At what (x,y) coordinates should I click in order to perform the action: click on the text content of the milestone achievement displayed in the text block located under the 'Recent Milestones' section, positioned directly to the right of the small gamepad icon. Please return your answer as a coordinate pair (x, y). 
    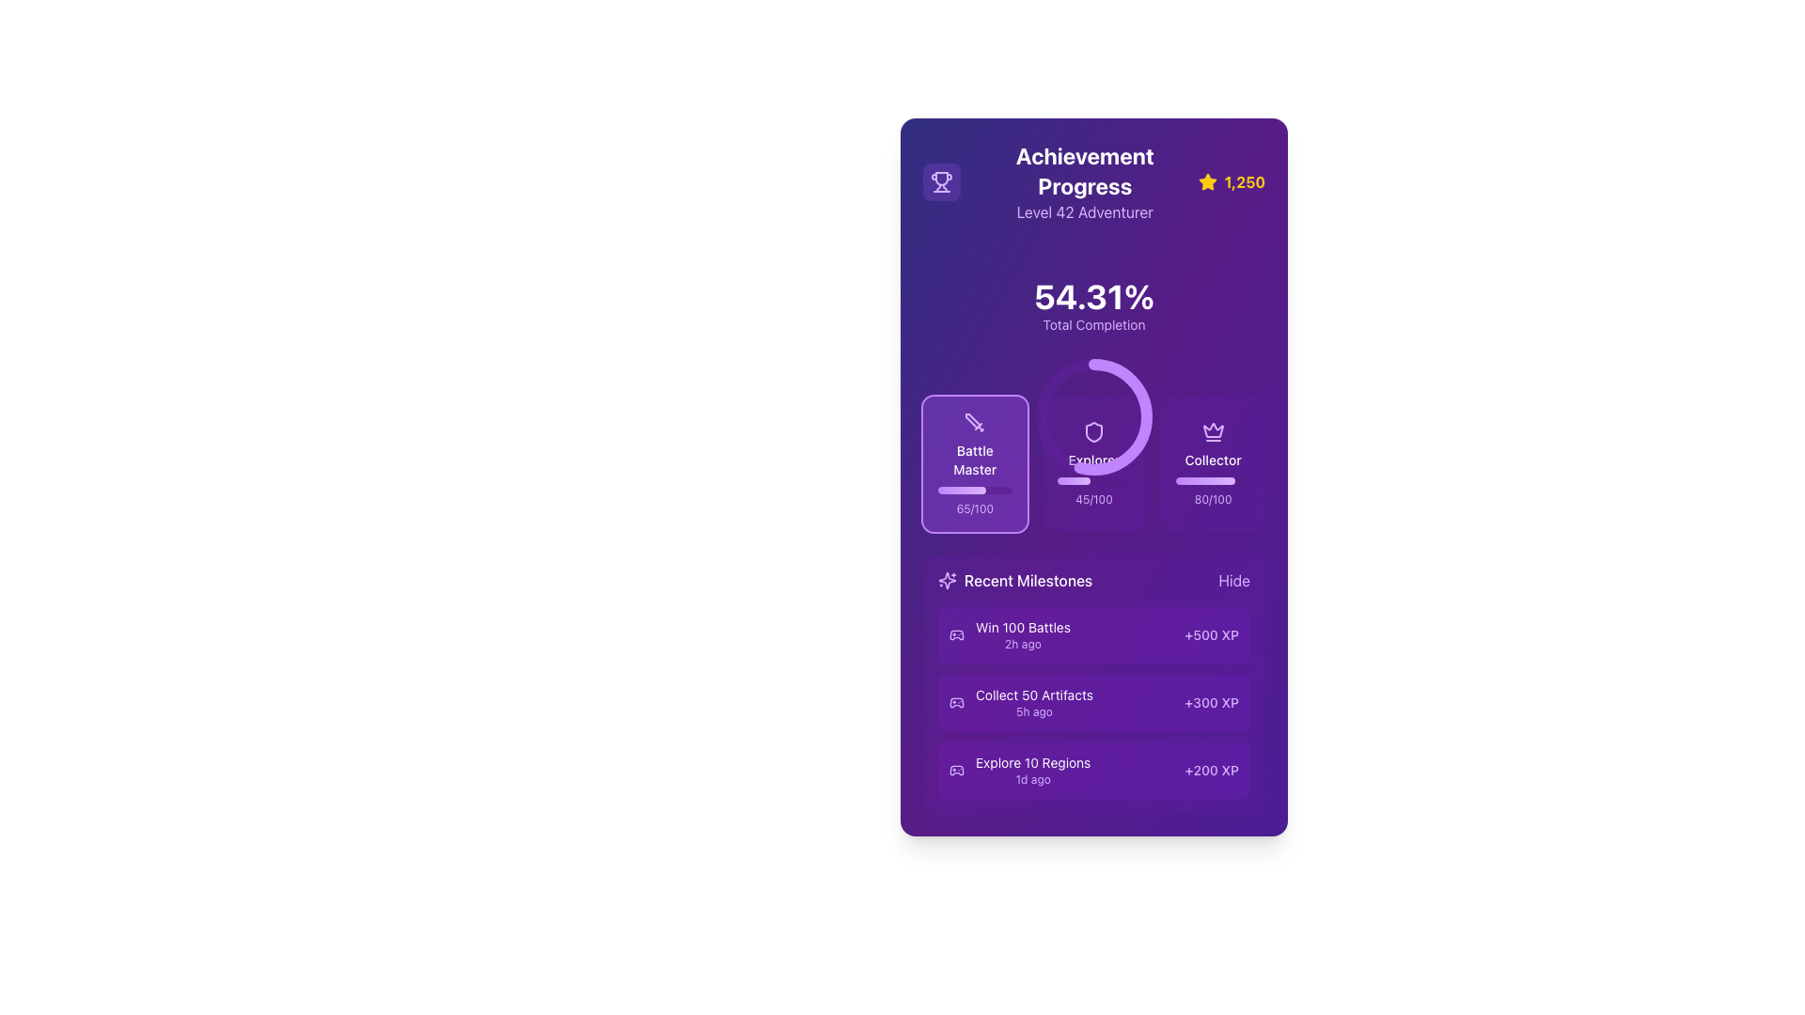
    Looking at the image, I should click on (1022, 634).